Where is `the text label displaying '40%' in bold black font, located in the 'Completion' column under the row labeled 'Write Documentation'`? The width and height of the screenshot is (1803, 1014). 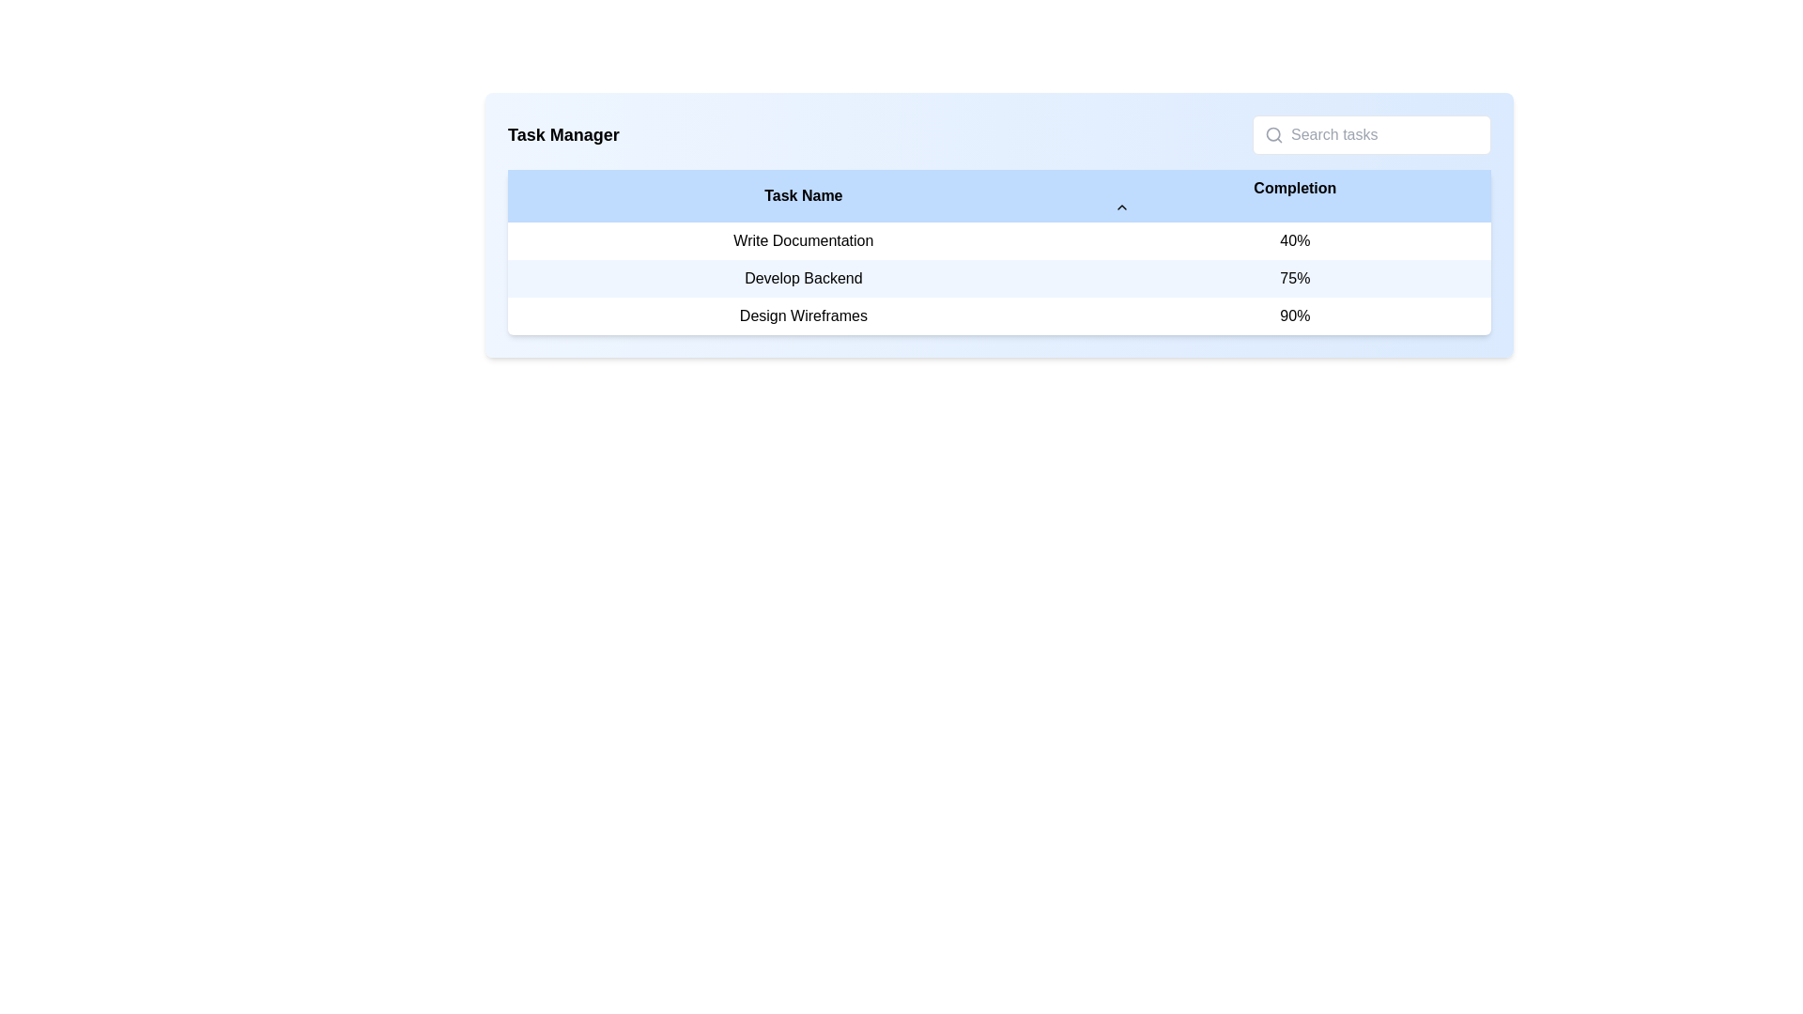
the text label displaying '40%' in bold black font, located in the 'Completion' column under the row labeled 'Write Documentation' is located at coordinates (1294, 240).